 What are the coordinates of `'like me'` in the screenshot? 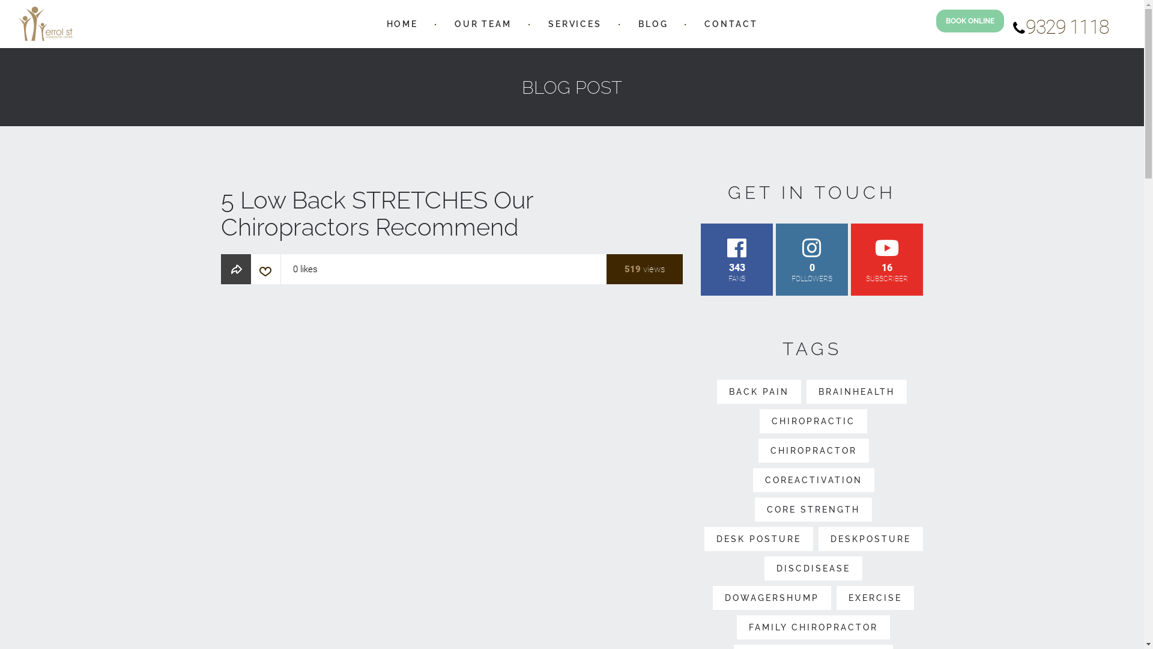 It's located at (264, 274).